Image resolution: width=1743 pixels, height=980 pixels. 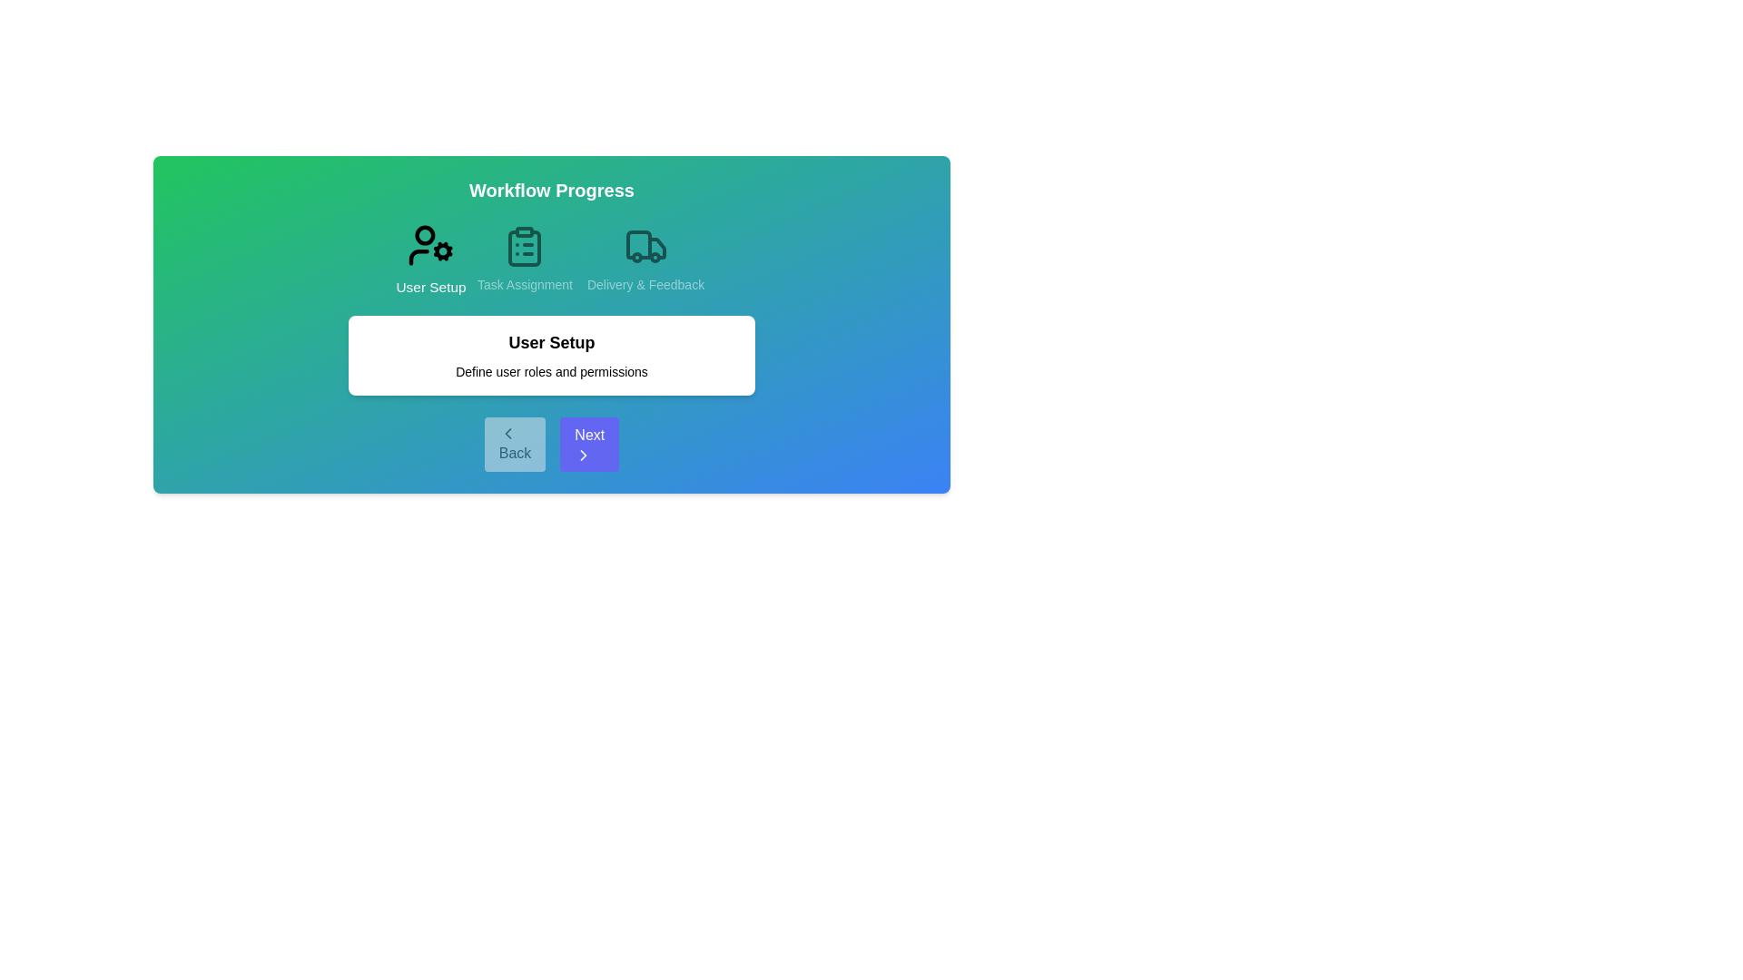 What do you see at coordinates (551, 370) in the screenshot?
I see `the text 'Define user roles and permissions' from the component` at bounding box center [551, 370].